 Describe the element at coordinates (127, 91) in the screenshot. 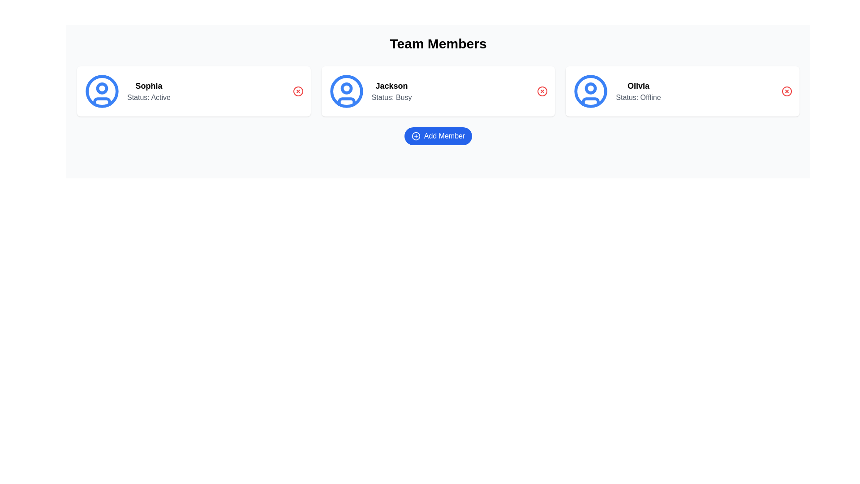

I see `the user display component featuring a circular blue icon and the text 'Sophia' with 'Status: Active' below it` at that location.